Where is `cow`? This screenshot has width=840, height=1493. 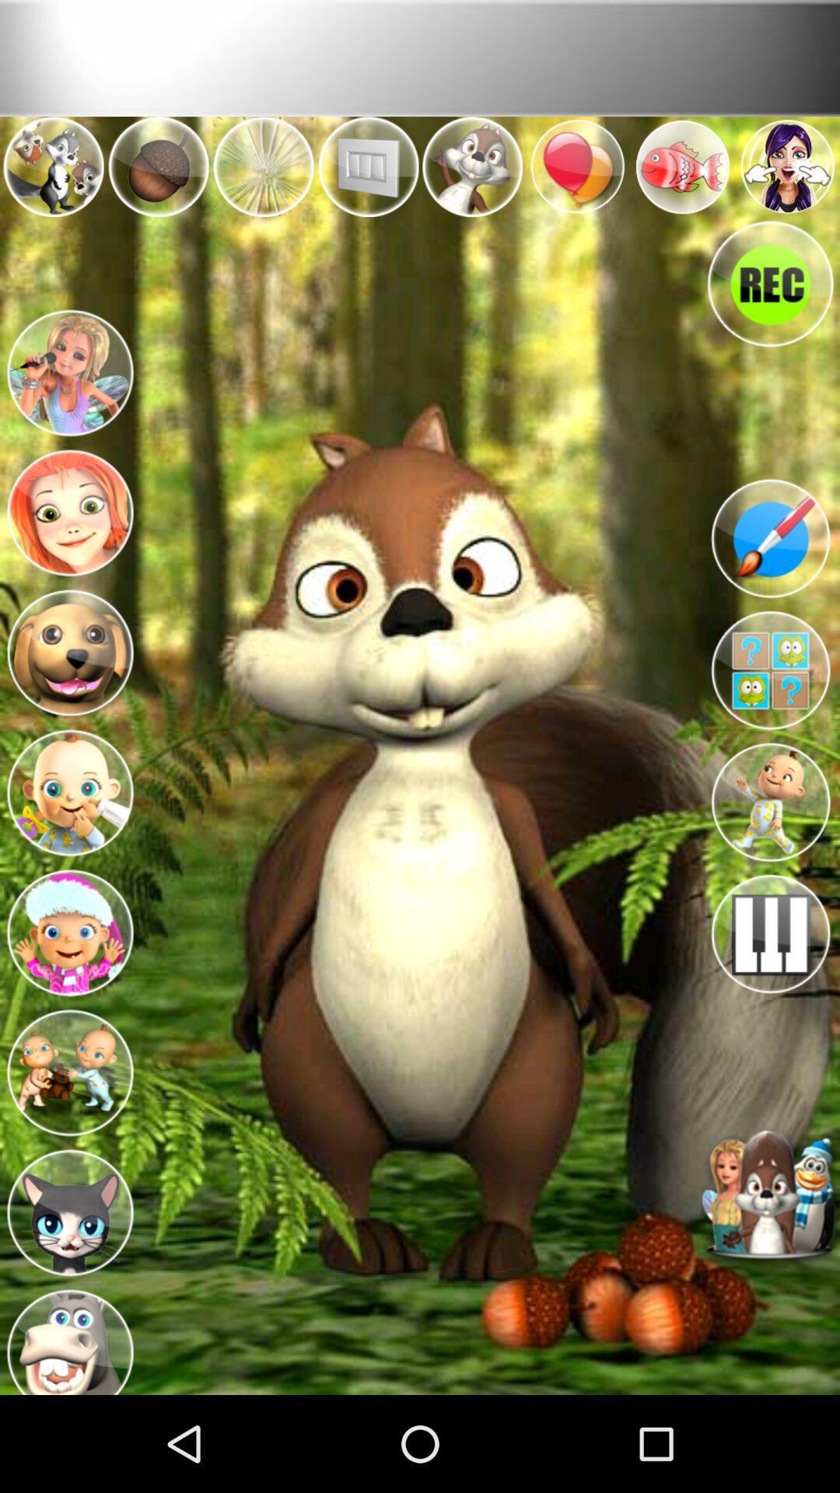 cow is located at coordinates (68, 1335).